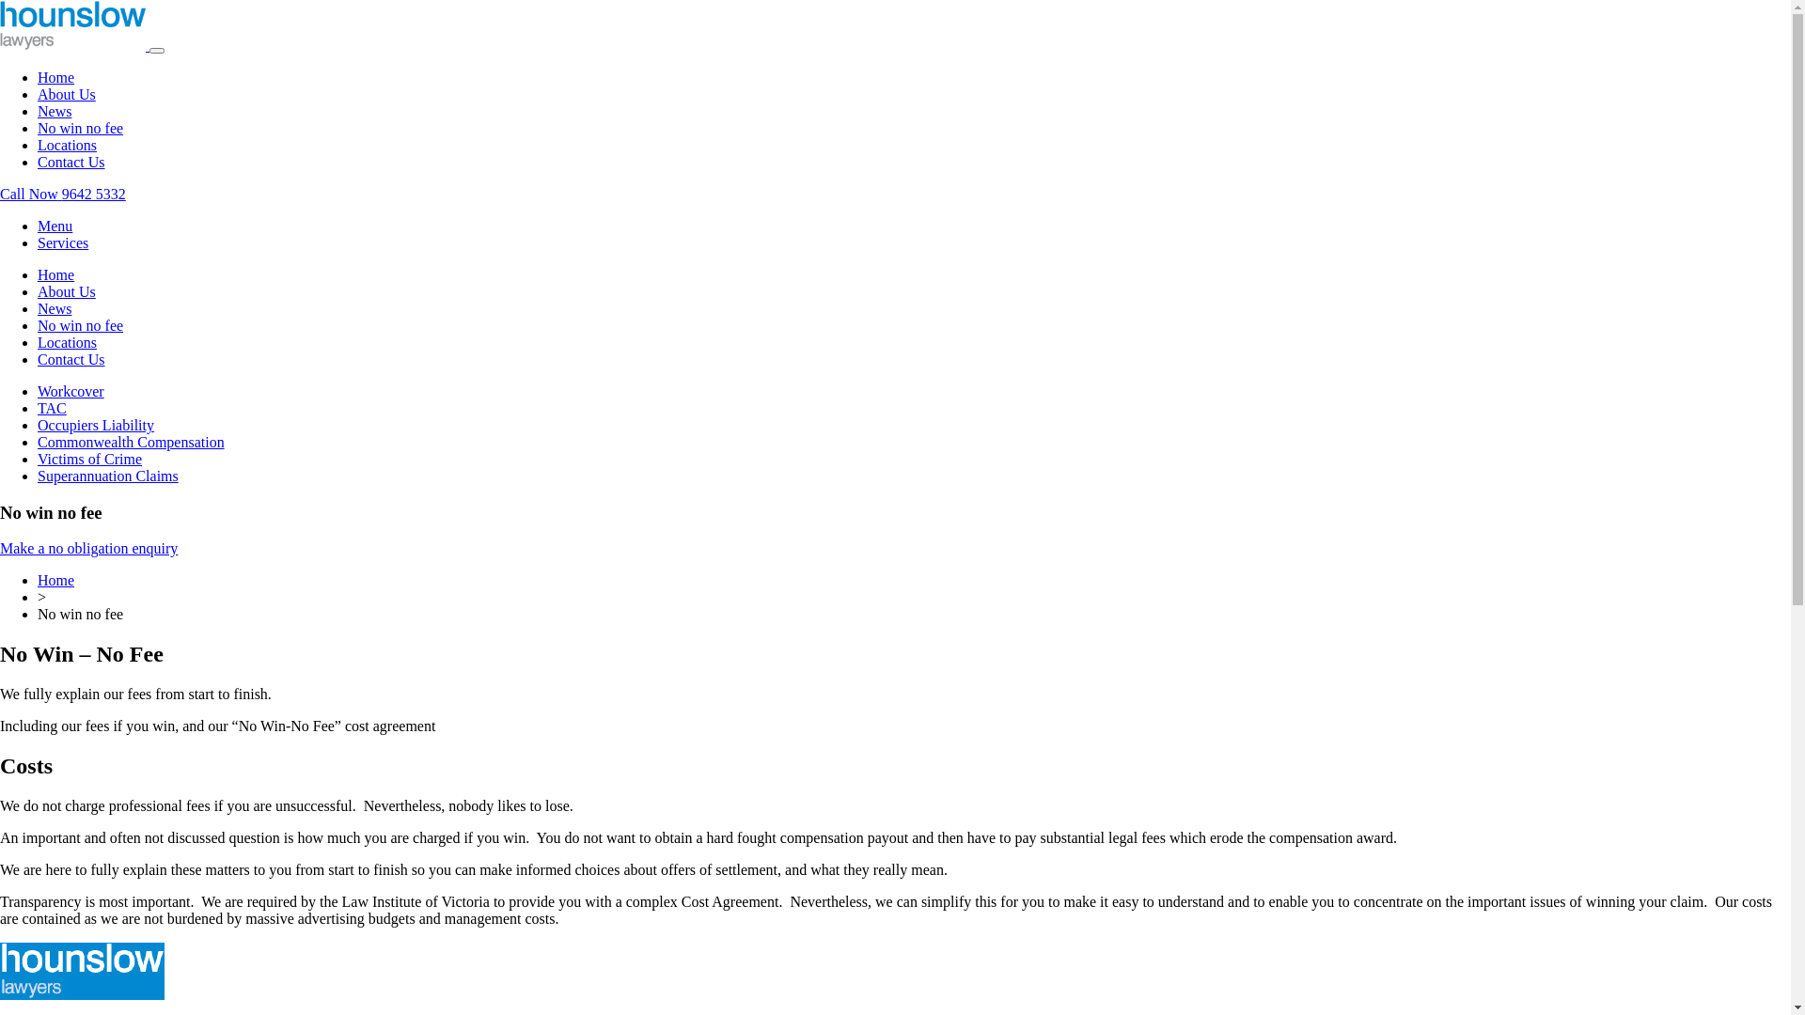 The height and width of the screenshot is (1015, 1805). What do you see at coordinates (79, 324) in the screenshot?
I see `'No win no fee'` at bounding box center [79, 324].